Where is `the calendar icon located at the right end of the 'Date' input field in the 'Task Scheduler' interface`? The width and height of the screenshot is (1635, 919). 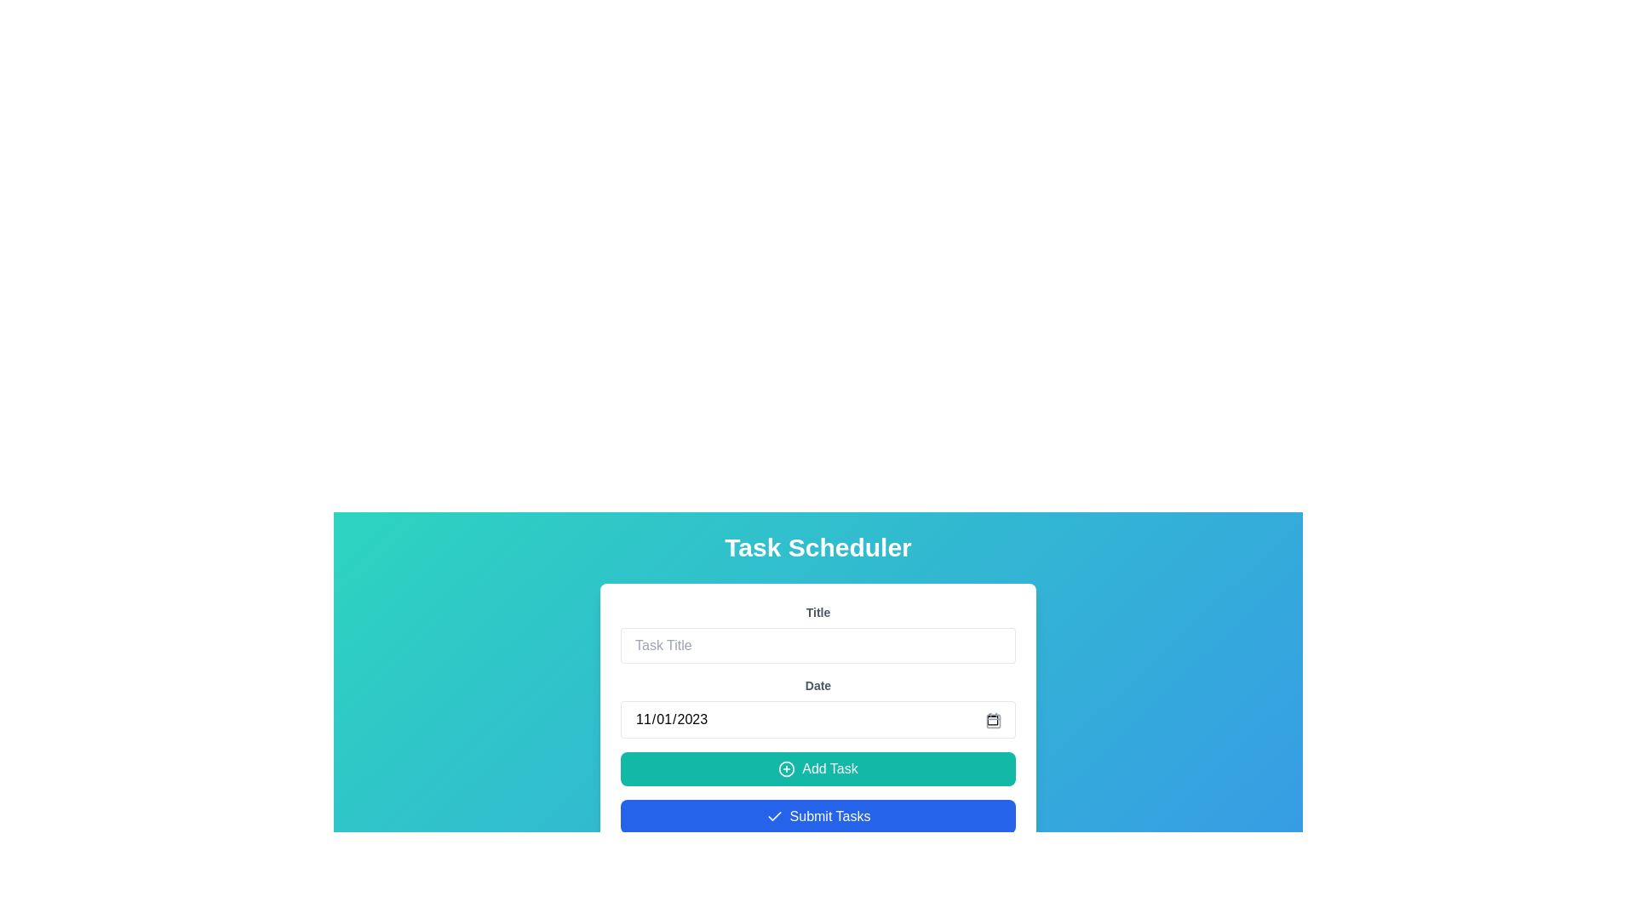 the calendar icon located at the right end of the 'Date' input field in the 'Task Scheduler' interface is located at coordinates (993, 719).